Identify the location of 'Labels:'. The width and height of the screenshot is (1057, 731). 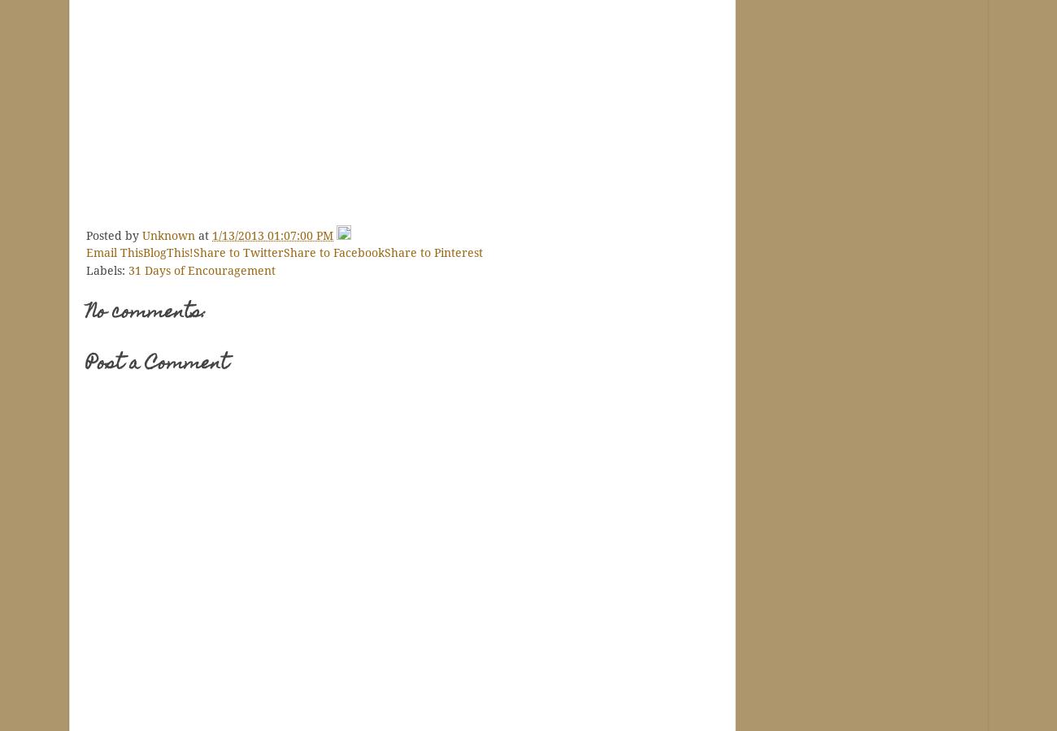
(106, 269).